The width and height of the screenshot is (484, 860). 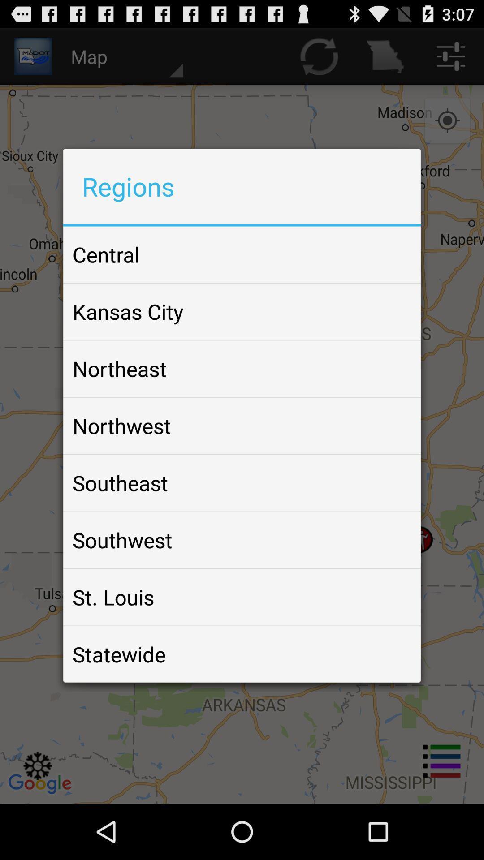 I want to click on item to the right of the statewide app, so click(x=392, y=654).